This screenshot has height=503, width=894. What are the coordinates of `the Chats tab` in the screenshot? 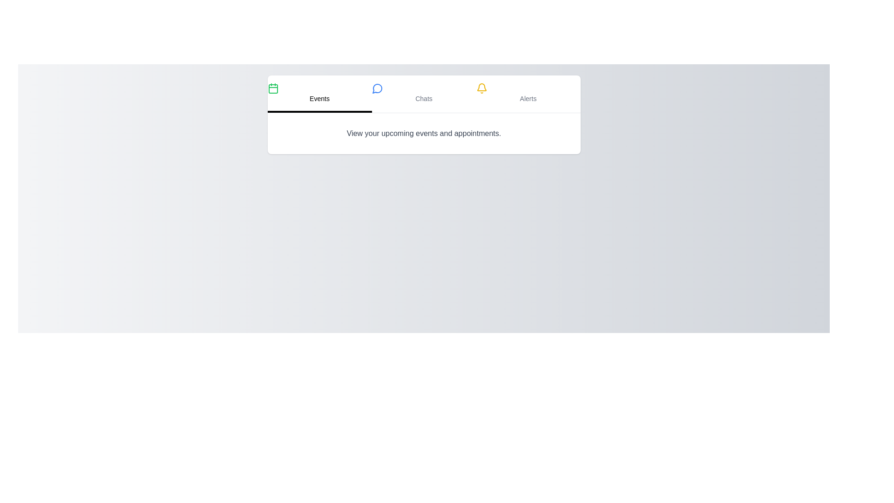 It's located at (423, 94).